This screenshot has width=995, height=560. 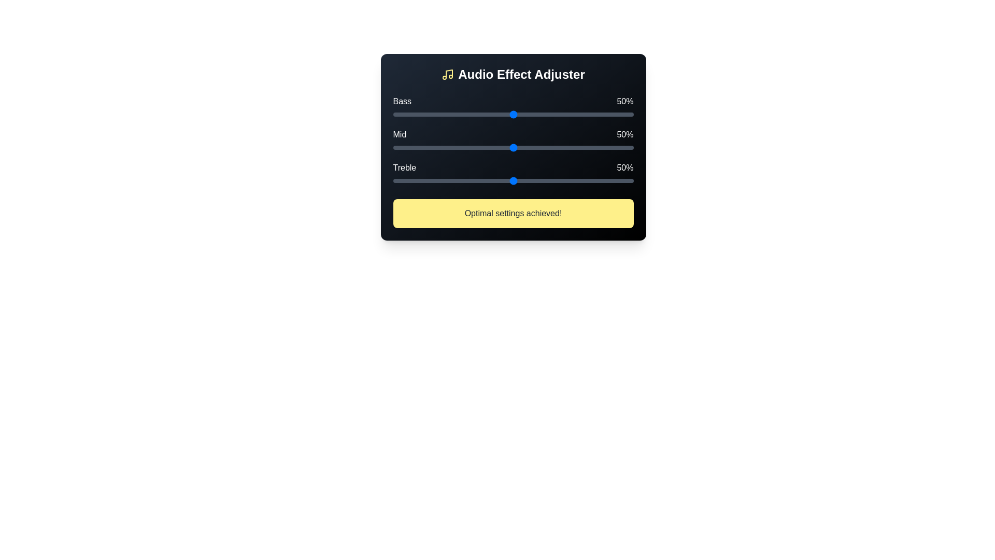 What do you see at coordinates (506, 114) in the screenshot?
I see `the Bass slider to 47% by clicking on the slider track` at bounding box center [506, 114].